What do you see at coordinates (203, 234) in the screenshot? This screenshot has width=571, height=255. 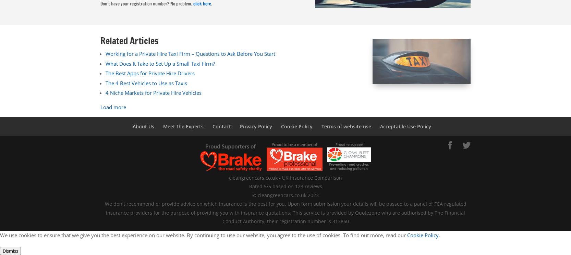 I see `'We use cookies to ensure that we give you the best experience on our website. By continuing to use our website, you agree to the use of cookies. To find out more, read our'` at bounding box center [203, 234].